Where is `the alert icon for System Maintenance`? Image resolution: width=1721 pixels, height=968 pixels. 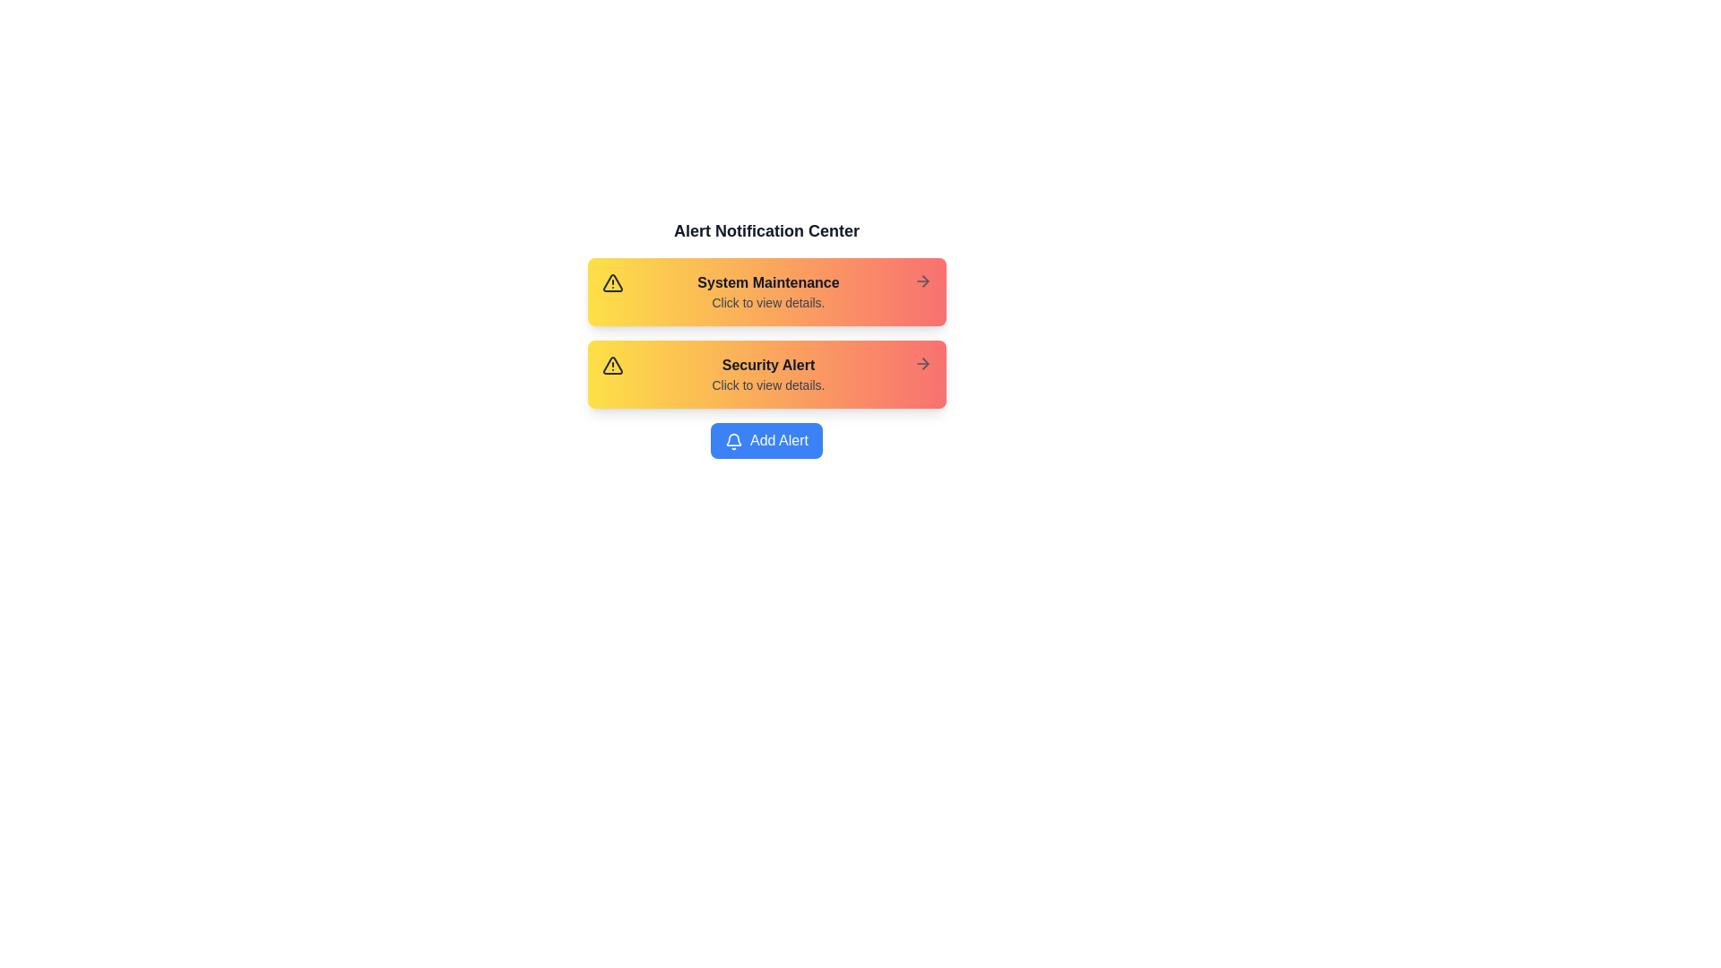 the alert icon for System Maintenance is located at coordinates (612, 282).